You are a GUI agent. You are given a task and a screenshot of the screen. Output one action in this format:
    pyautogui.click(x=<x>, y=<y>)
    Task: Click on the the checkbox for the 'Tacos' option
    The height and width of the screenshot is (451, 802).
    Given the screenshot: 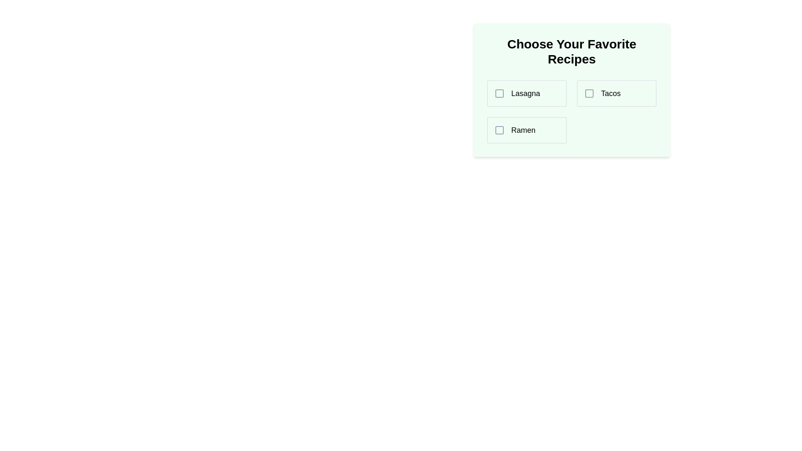 What is the action you would take?
    pyautogui.click(x=589, y=93)
    